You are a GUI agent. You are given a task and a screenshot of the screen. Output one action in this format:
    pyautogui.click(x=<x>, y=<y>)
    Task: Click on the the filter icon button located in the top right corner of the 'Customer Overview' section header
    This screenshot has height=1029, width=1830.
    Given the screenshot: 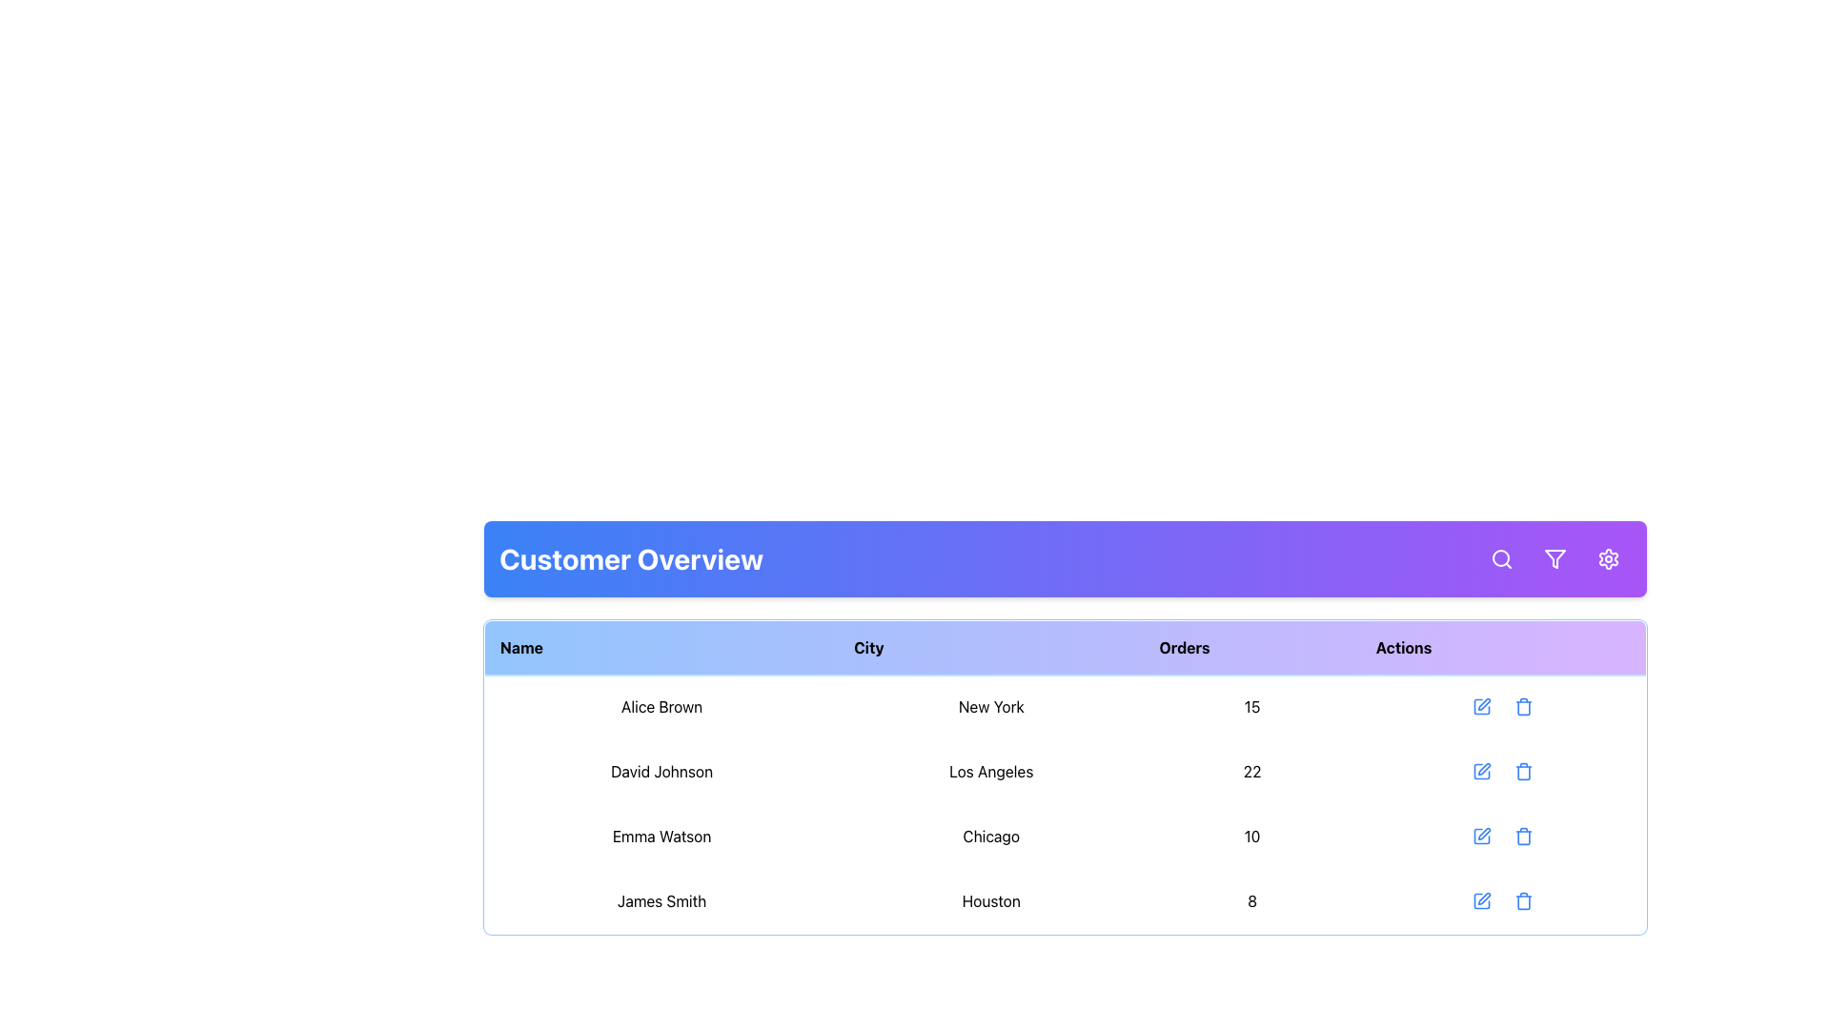 What is the action you would take?
    pyautogui.click(x=1555, y=557)
    